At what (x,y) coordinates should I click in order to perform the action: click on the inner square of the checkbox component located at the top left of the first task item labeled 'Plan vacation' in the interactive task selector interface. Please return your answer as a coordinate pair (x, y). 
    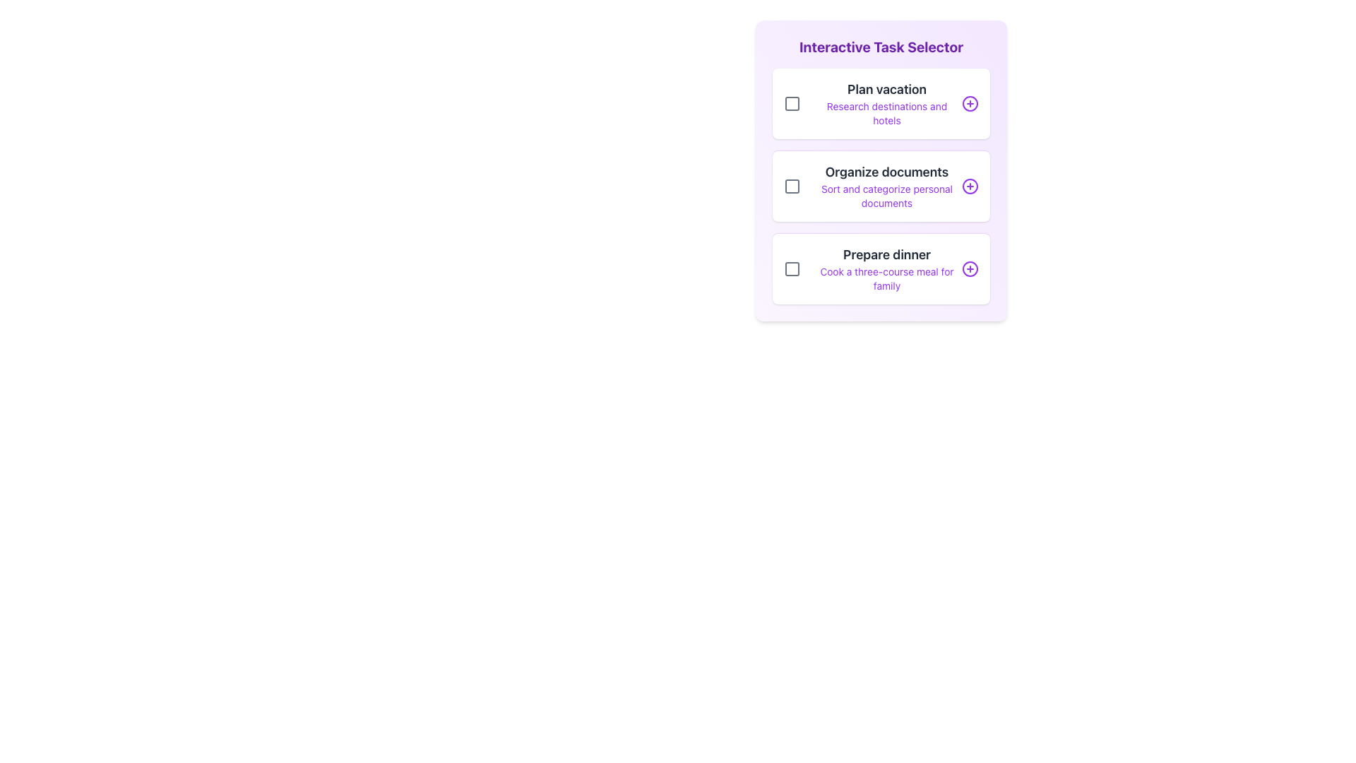
    Looking at the image, I should click on (792, 102).